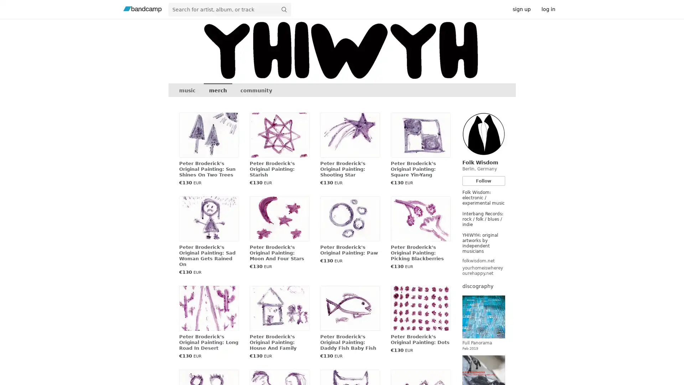 The image size is (684, 385). I want to click on Follow, so click(483, 180).